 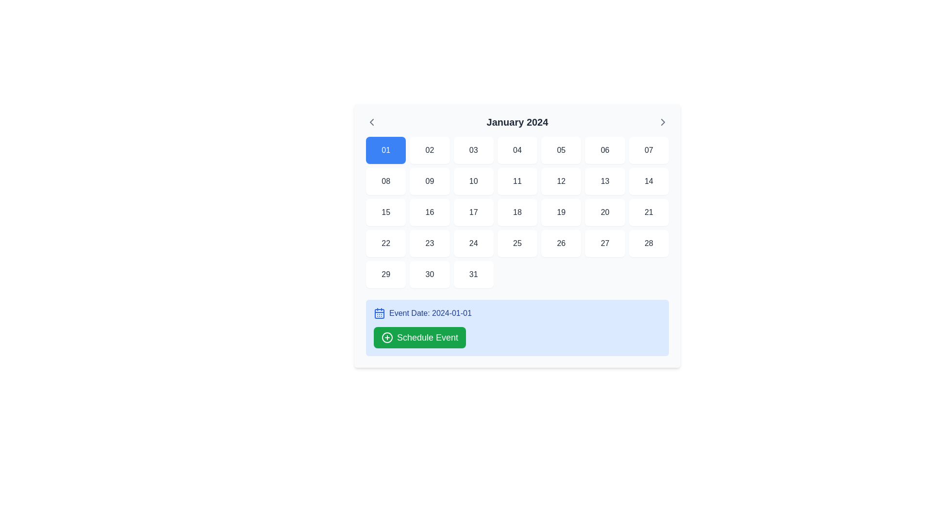 What do you see at coordinates (385, 212) in the screenshot?
I see `the button representing January 15th, 2024` at bounding box center [385, 212].